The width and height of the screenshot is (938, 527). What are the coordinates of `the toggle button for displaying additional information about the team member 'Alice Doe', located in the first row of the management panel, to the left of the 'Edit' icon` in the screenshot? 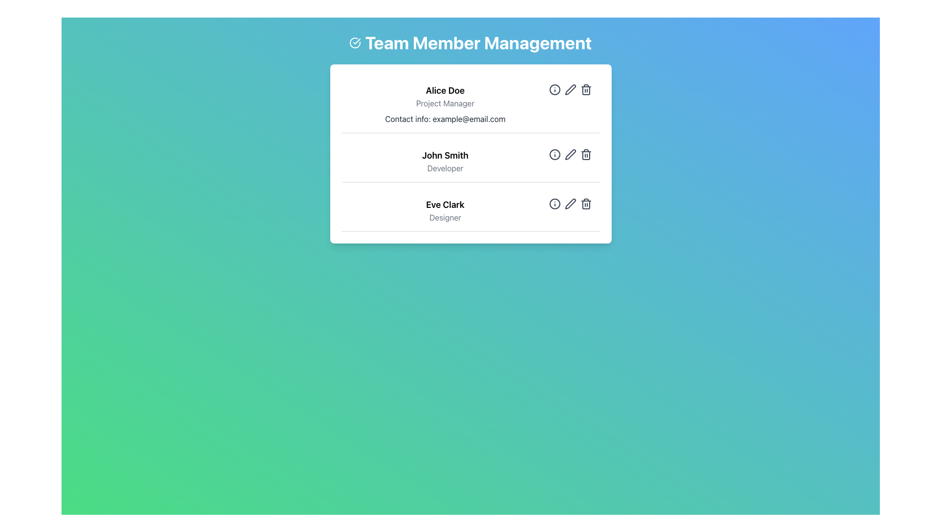 It's located at (554, 90).